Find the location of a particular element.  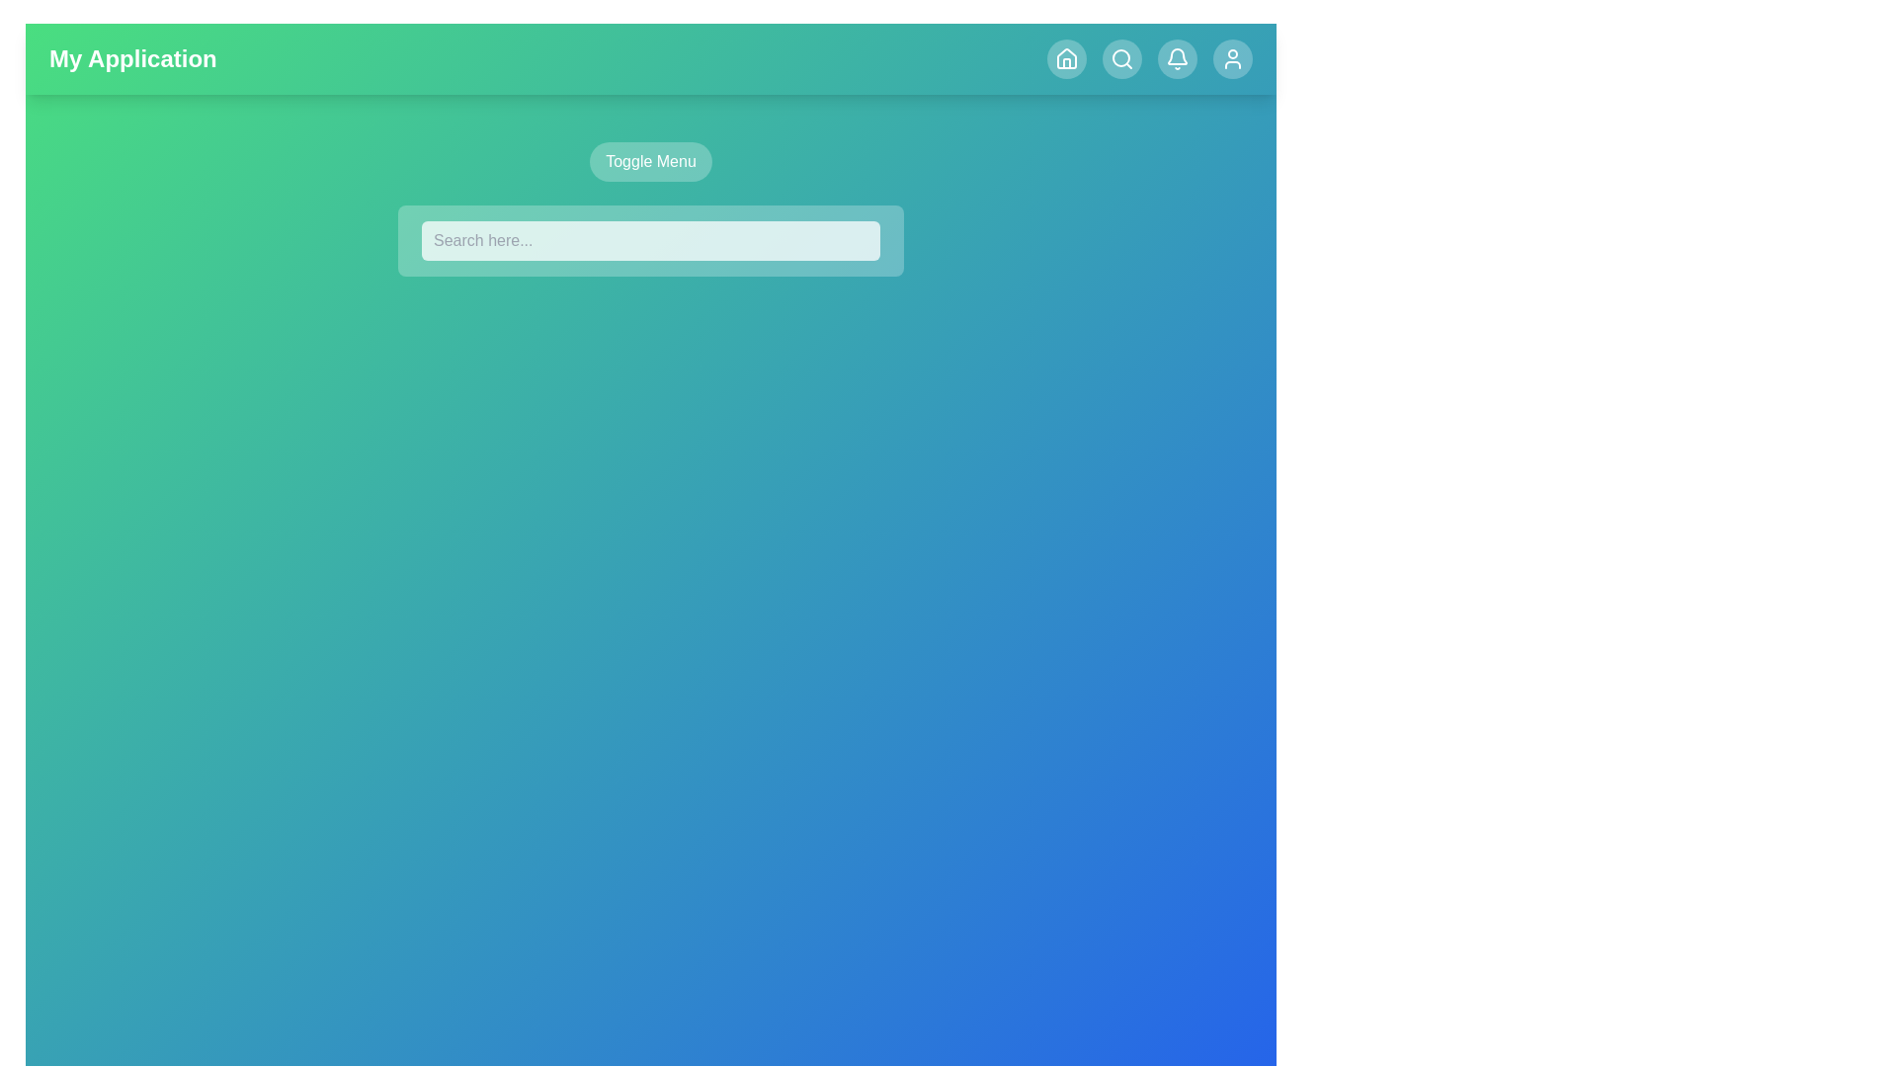

the 'Toggle Menu' button to toggle the visibility of the menu is located at coordinates (650, 161).